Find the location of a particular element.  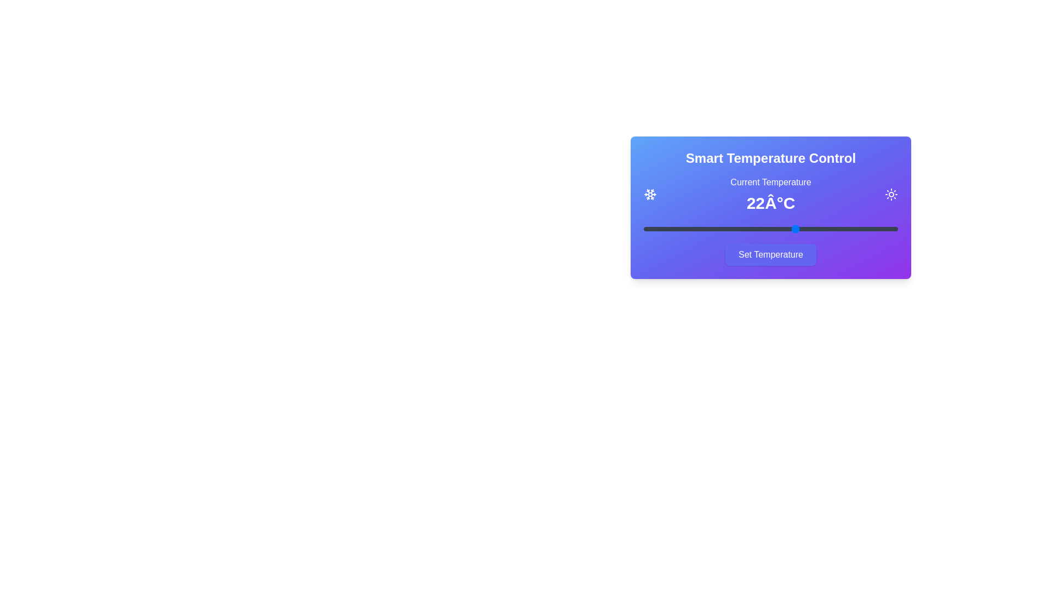

the small triangular mark that is part of the snowflake icon on the left side of the main panel, which indicates a cooling function is located at coordinates (652, 191).